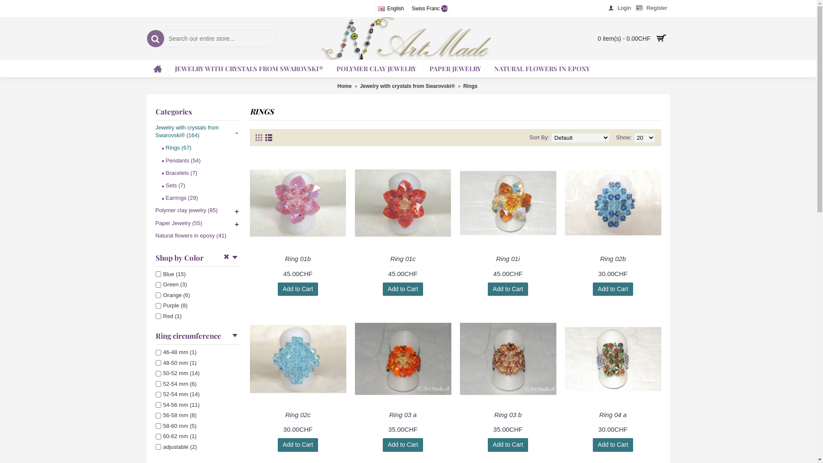  Describe the element at coordinates (155, 209) in the screenshot. I see `'Polymer clay jewelry (85)` at that location.